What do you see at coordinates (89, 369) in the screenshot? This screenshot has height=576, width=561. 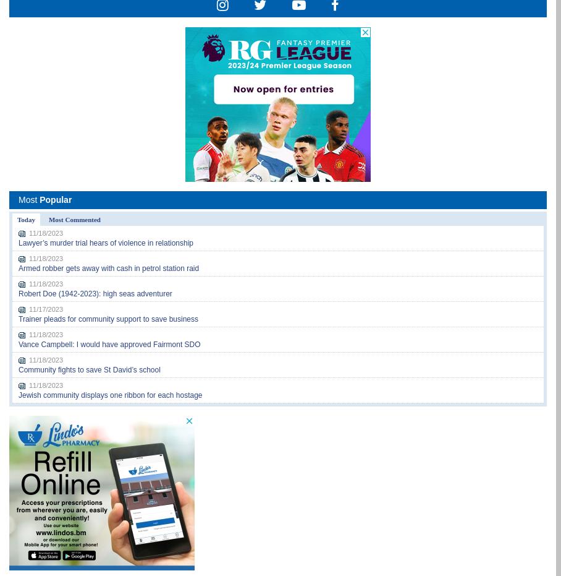 I see `'Community fights to save St David’s school'` at bounding box center [89, 369].